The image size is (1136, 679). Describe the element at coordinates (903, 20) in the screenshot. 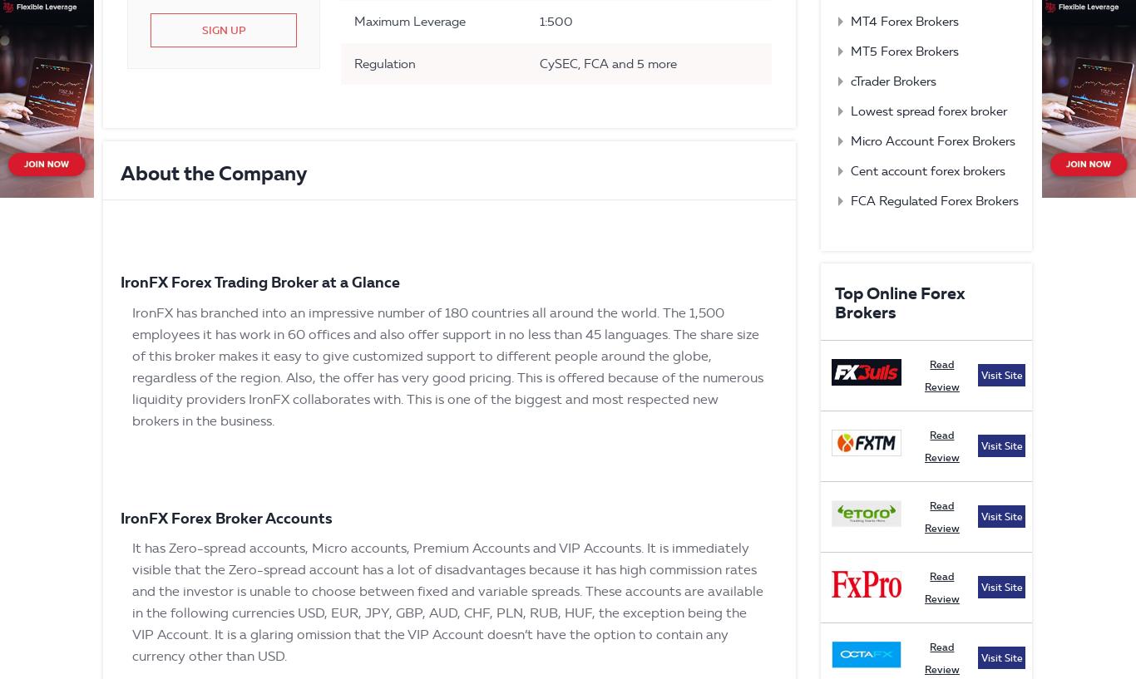

I see `'MT4 Forex Brokers'` at that location.